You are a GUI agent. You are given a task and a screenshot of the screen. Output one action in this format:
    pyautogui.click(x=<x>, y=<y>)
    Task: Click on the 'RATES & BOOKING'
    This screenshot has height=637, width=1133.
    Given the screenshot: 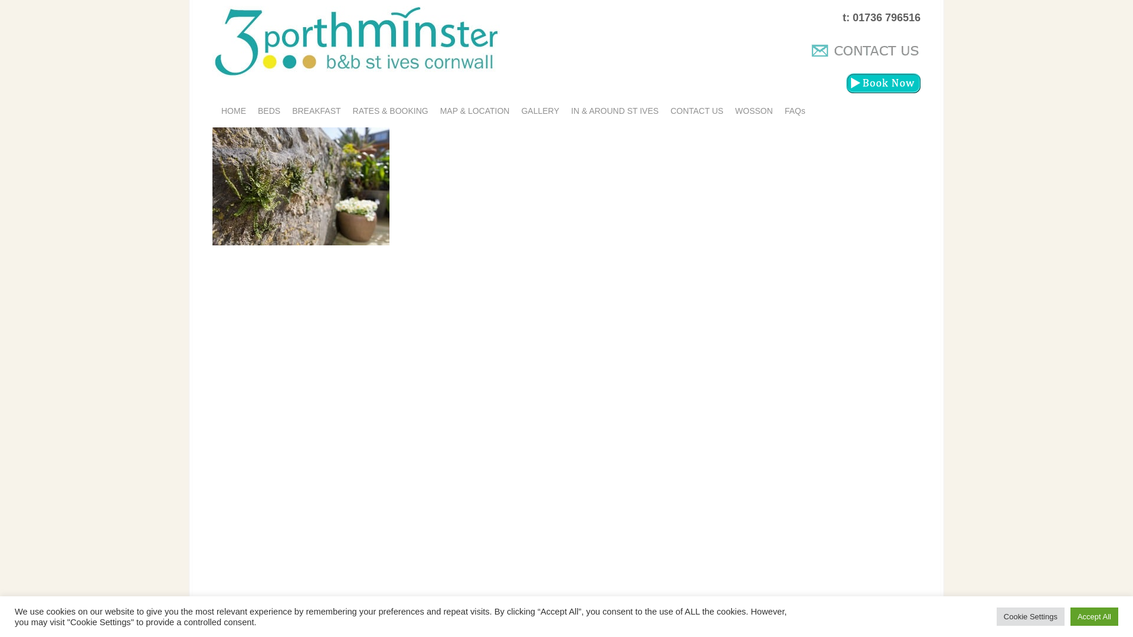 What is the action you would take?
    pyautogui.click(x=391, y=111)
    